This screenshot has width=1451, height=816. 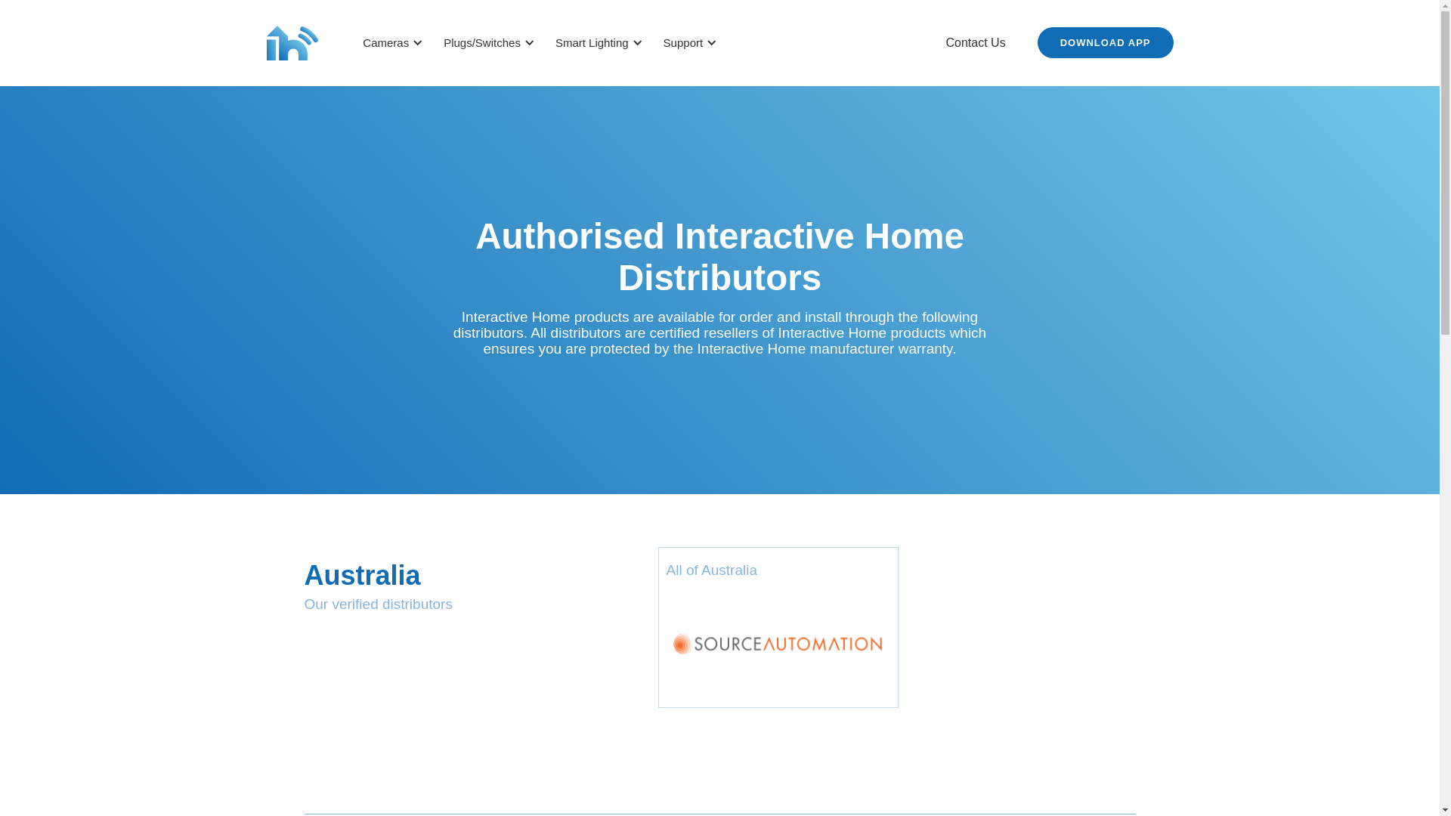 I want to click on 'Contact Us', so click(x=976, y=42).